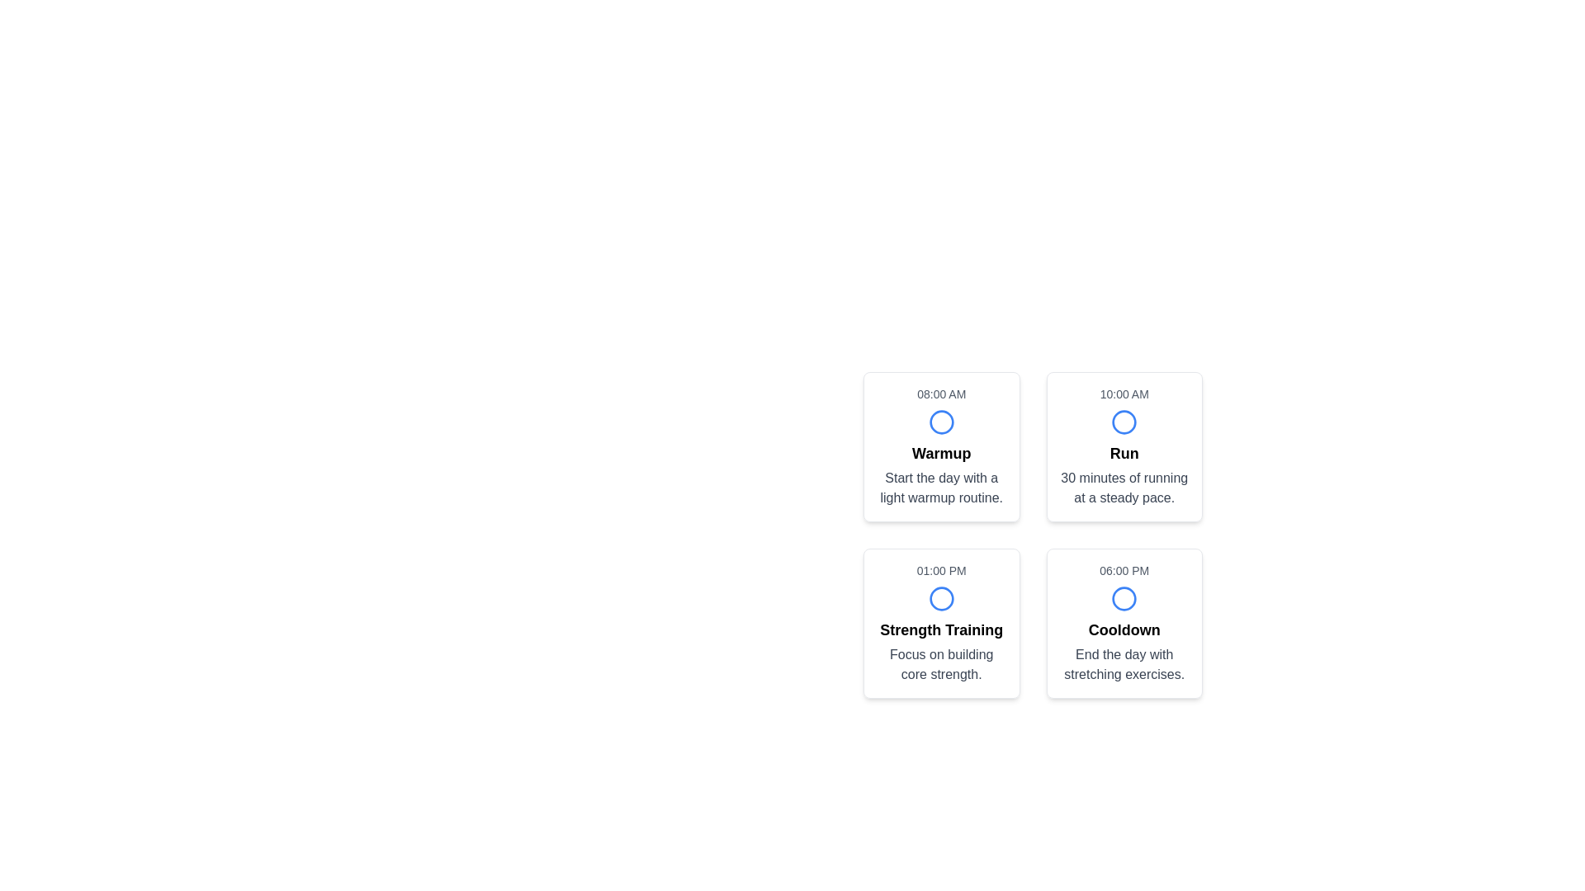 Image resolution: width=1585 pixels, height=891 pixels. Describe the element at coordinates (941, 598) in the screenshot. I see `the circular icon representing the 'Strength Training' session, located in the third card of the second row, below the 'Warmup' and 'Run' cards` at that location.